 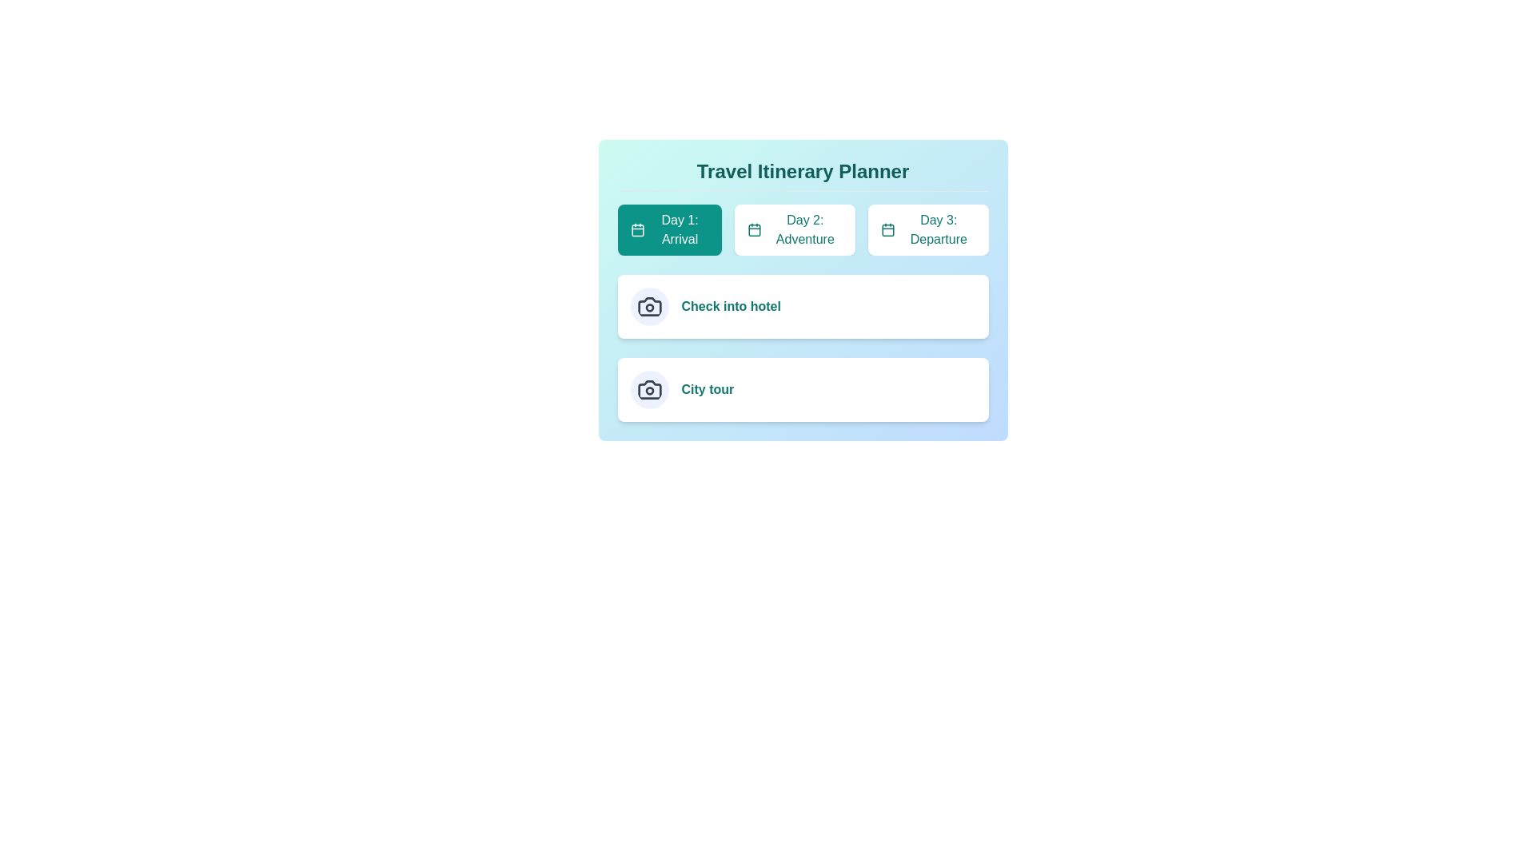 I want to click on the day tab corresponding to Day 2: Adventure, so click(x=795, y=230).